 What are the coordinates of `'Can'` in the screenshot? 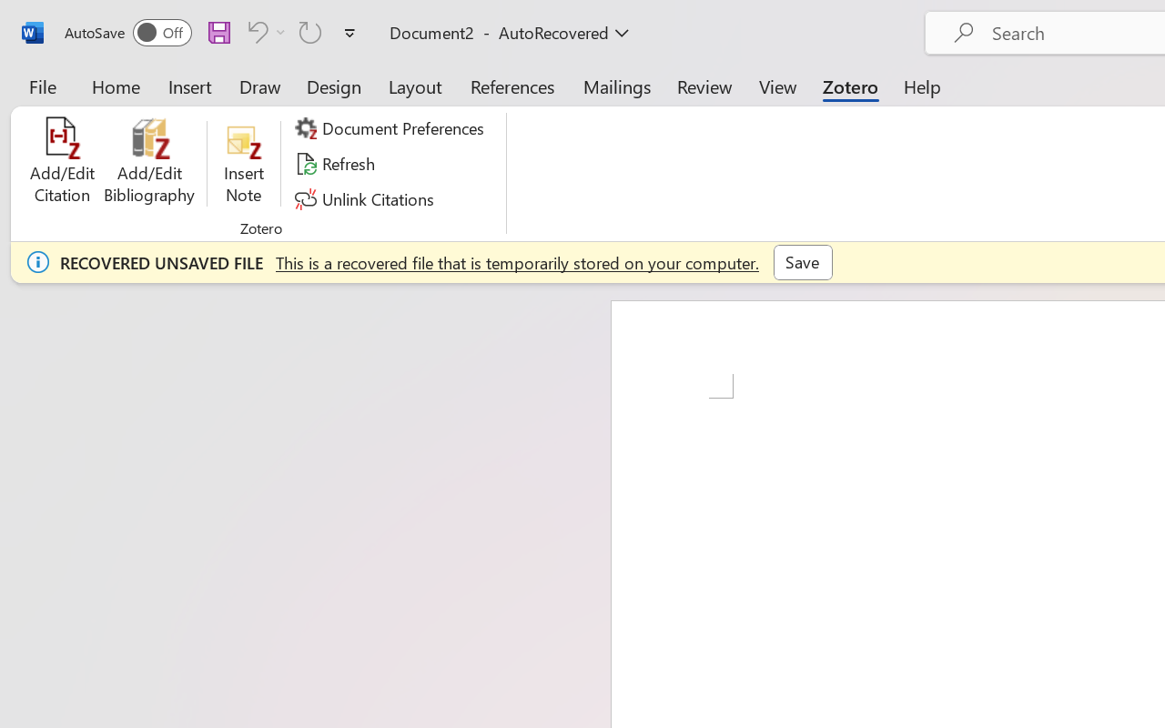 It's located at (310, 31).